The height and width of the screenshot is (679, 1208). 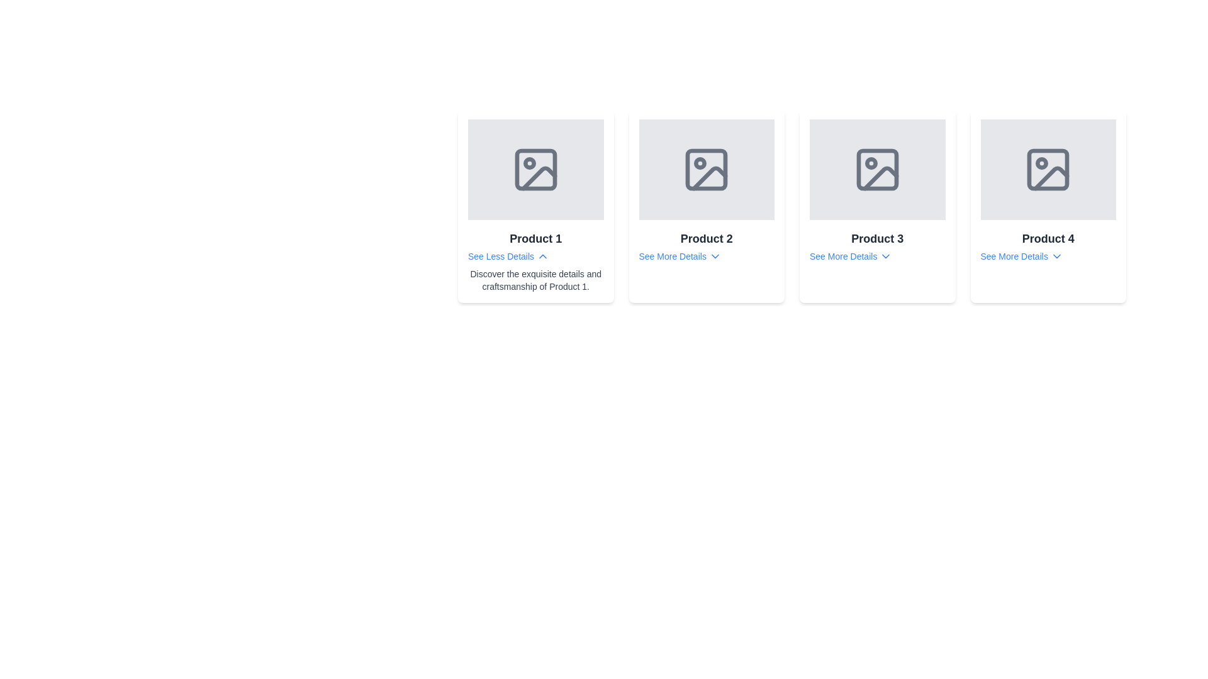 What do you see at coordinates (876, 170) in the screenshot?
I see `the icon element, which has a geometric design resembling an image placeholder and is centrally aligned in a light gray box, positioned in the third column of a grid layout above the 'Product 3' label` at bounding box center [876, 170].